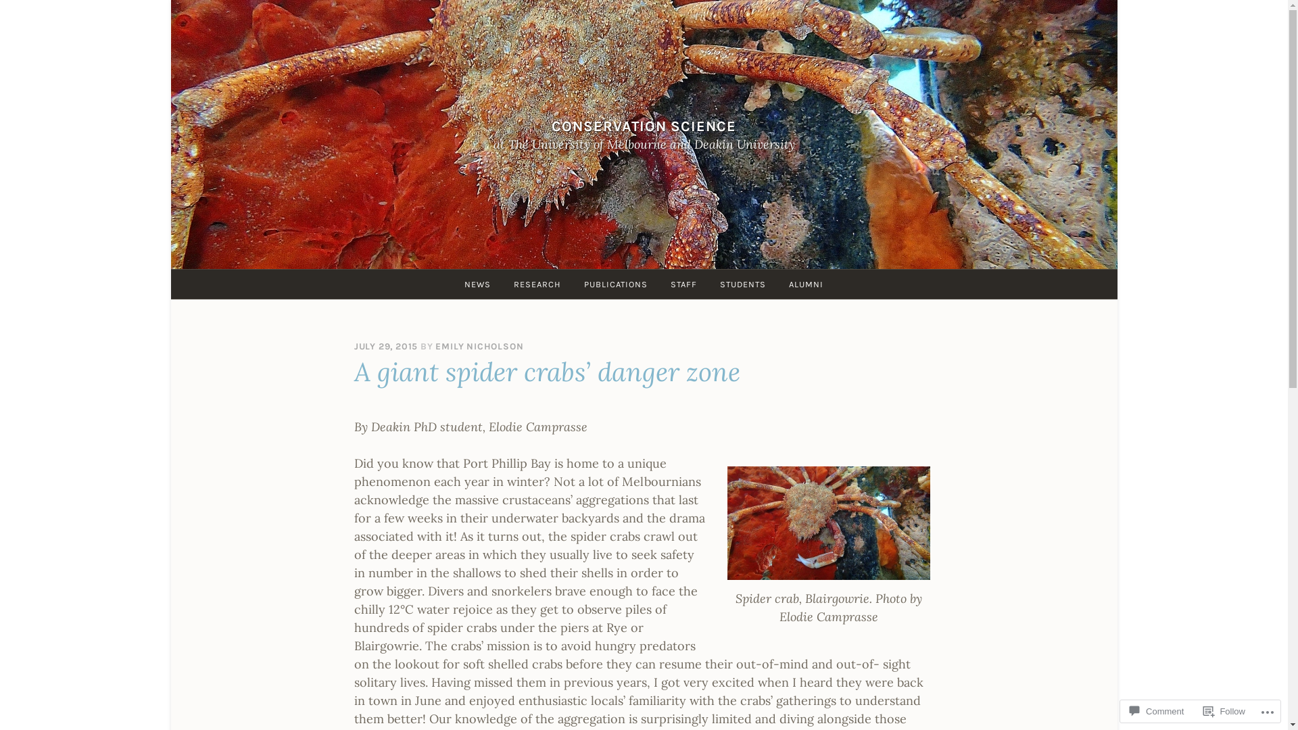 The height and width of the screenshot is (730, 1298). What do you see at coordinates (477, 283) in the screenshot?
I see `'NEWS'` at bounding box center [477, 283].